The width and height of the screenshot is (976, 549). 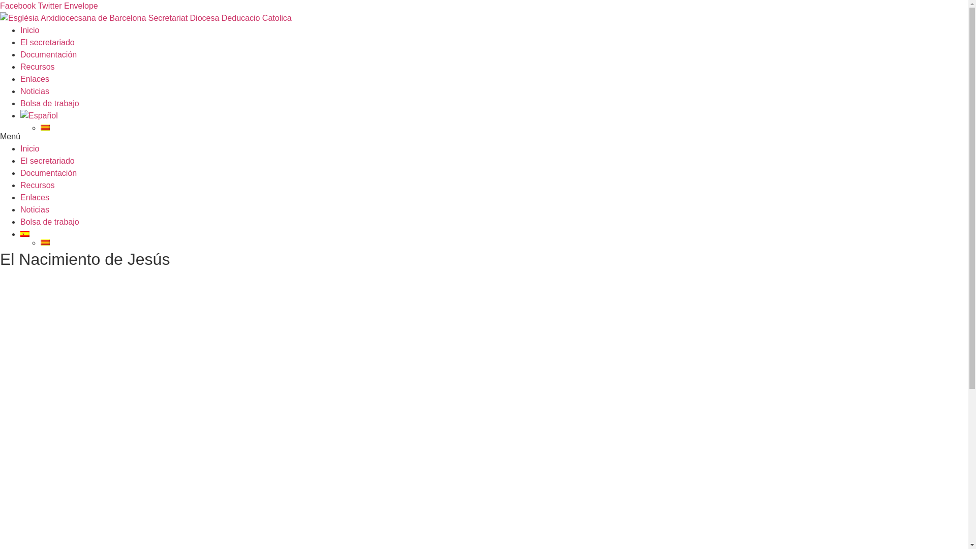 What do you see at coordinates (50, 6) in the screenshot?
I see `'Twitter'` at bounding box center [50, 6].